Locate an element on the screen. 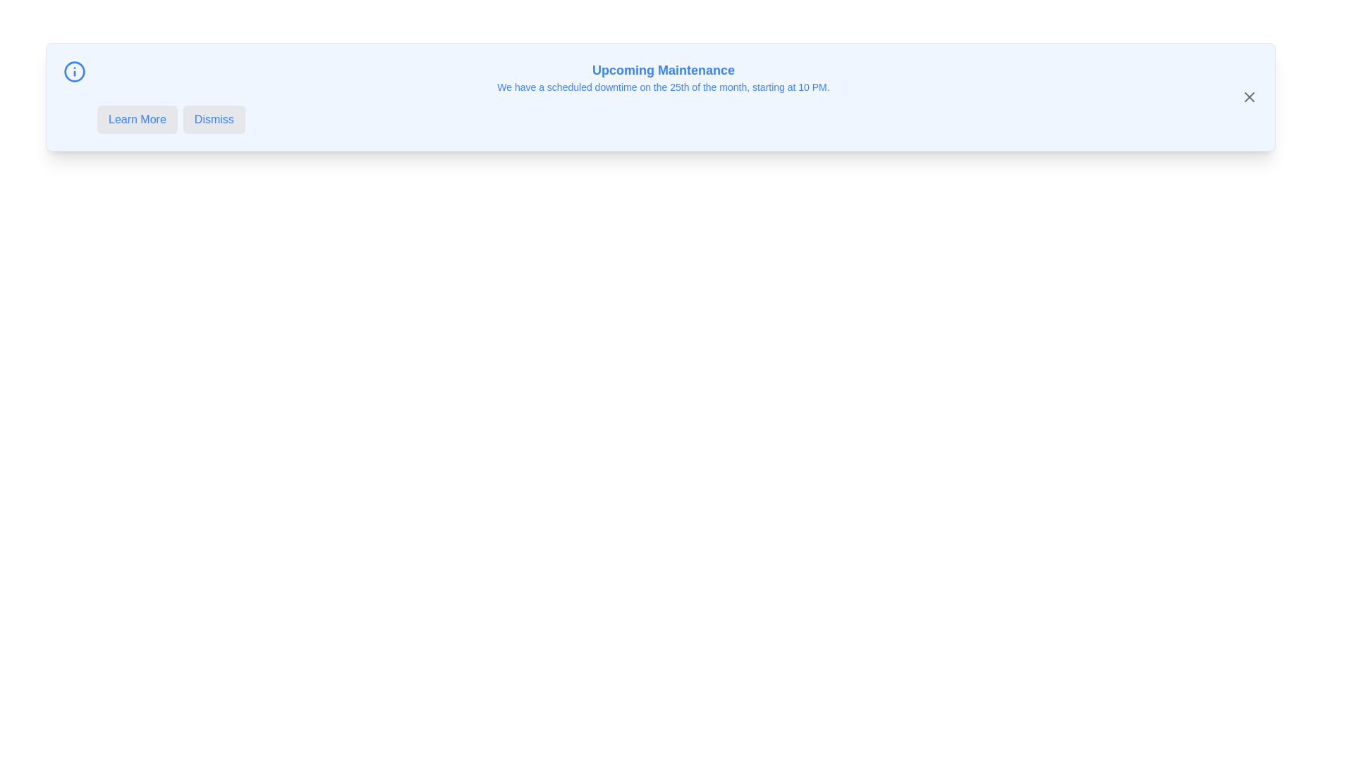 The height and width of the screenshot is (761, 1354). the informational icon located at the top-left side of the notification card, which provides additional details or context about the notification is located at coordinates (73, 71).